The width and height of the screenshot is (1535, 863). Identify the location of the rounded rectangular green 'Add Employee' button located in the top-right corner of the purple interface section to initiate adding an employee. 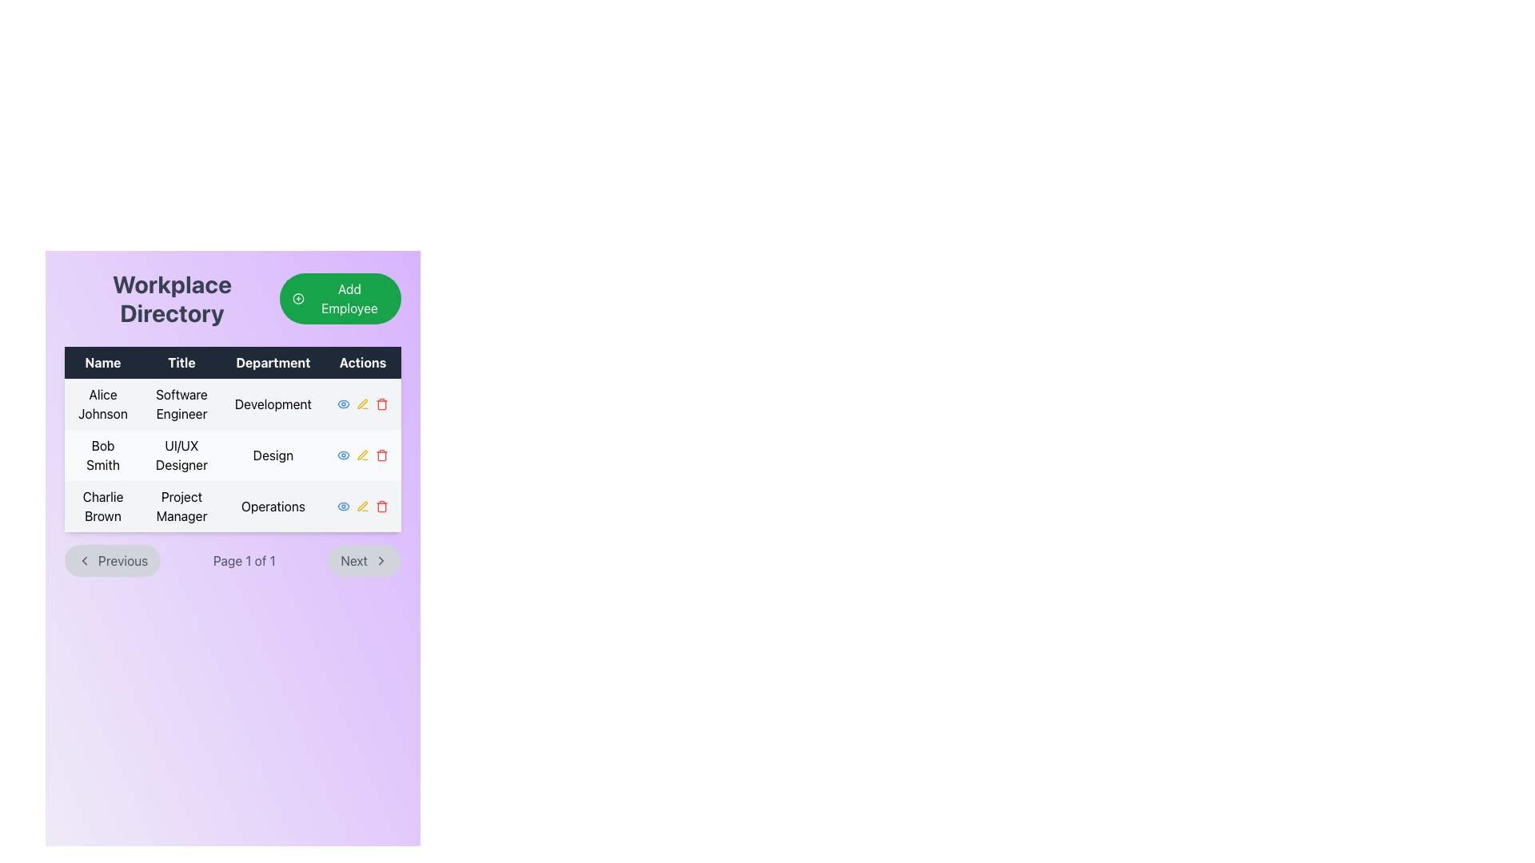
(340, 299).